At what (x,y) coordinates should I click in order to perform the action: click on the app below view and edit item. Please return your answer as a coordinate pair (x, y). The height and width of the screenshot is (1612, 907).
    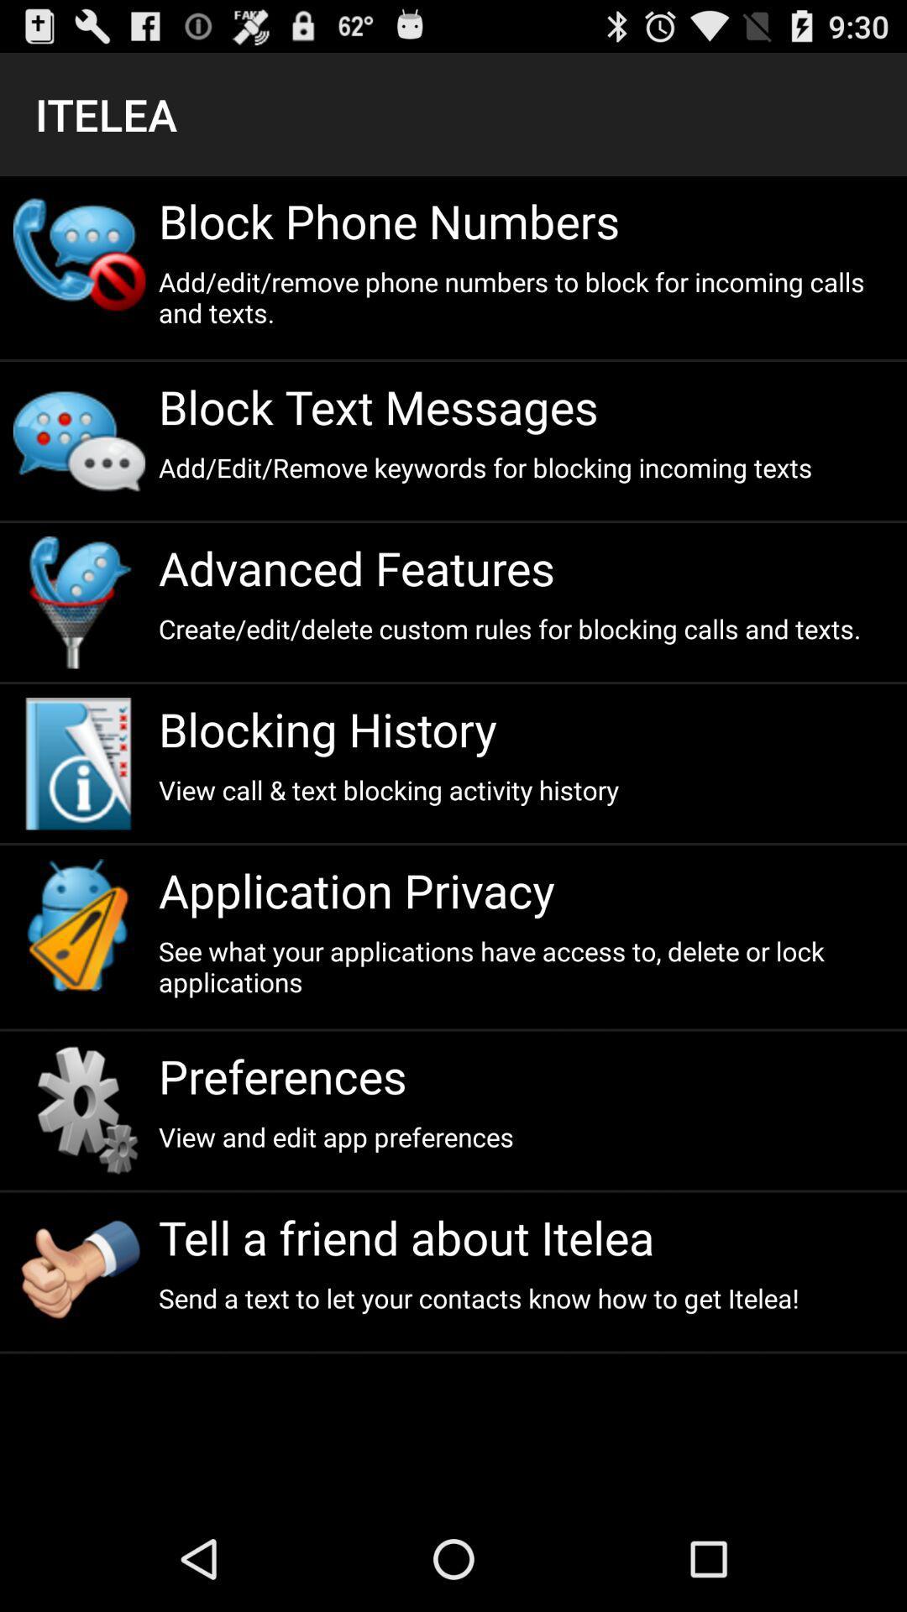
    Looking at the image, I should click on (525, 1237).